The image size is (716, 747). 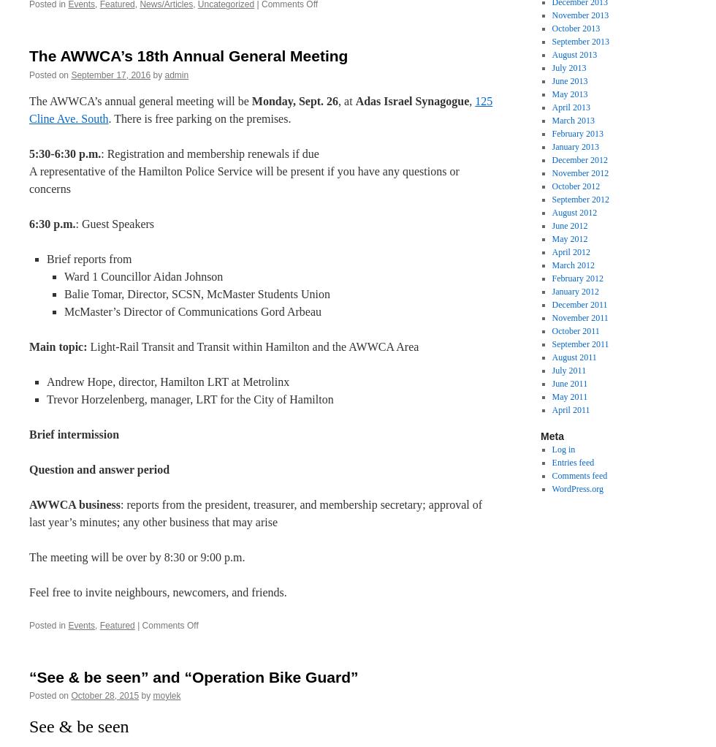 What do you see at coordinates (411, 100) in the screenshot?
I see `'Adas Israel Synagogue'` at bounding box center [411, 100].